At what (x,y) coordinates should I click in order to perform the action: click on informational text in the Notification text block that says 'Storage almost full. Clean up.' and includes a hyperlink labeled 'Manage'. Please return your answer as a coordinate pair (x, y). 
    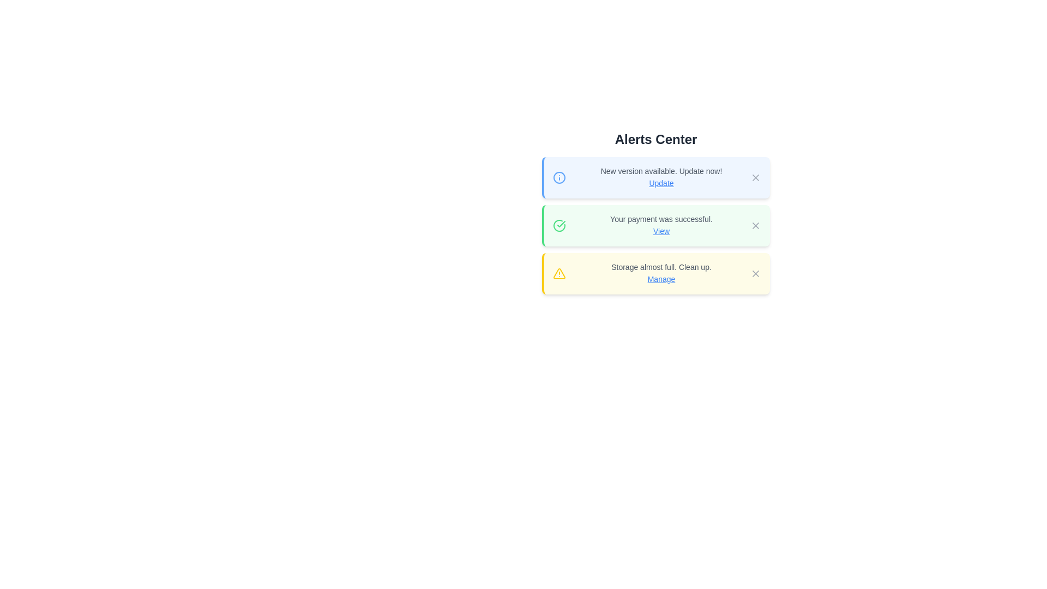
    Looking at the image, I should click on (661, 273).